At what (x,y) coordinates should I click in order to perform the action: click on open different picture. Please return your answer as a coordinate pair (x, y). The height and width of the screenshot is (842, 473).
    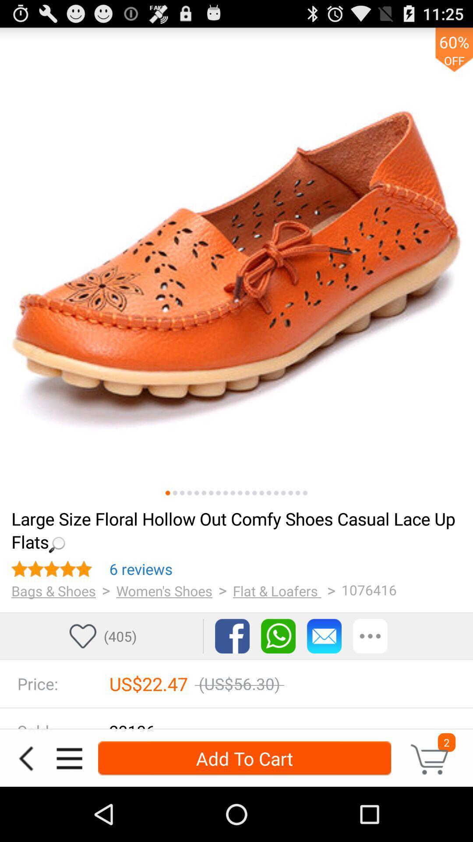
    Looking at the image, I should click on (232, 493).